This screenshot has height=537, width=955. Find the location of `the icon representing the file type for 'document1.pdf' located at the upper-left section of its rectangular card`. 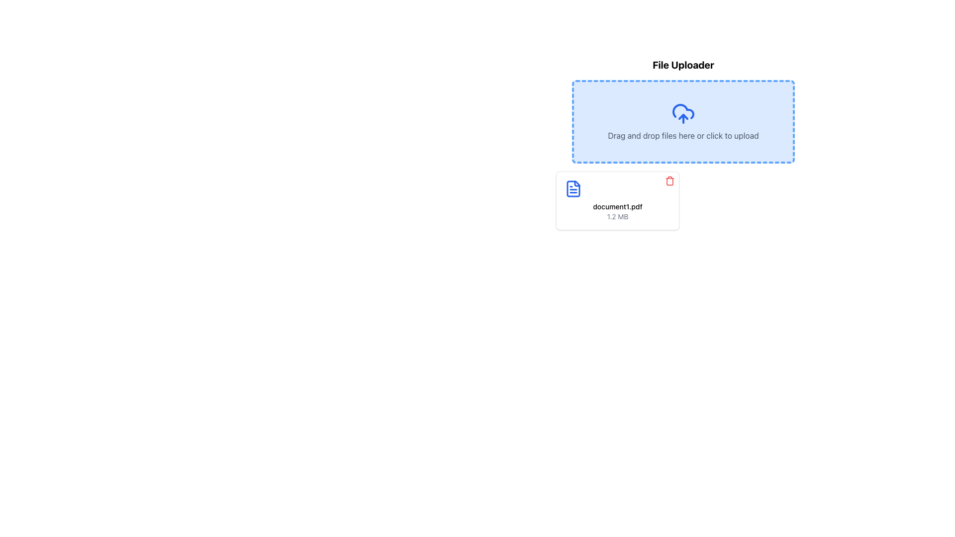

the icon representing the file type for 'document1.pdf' located at the upper-left section of its rectangular card is located at coordinates (573, 189).